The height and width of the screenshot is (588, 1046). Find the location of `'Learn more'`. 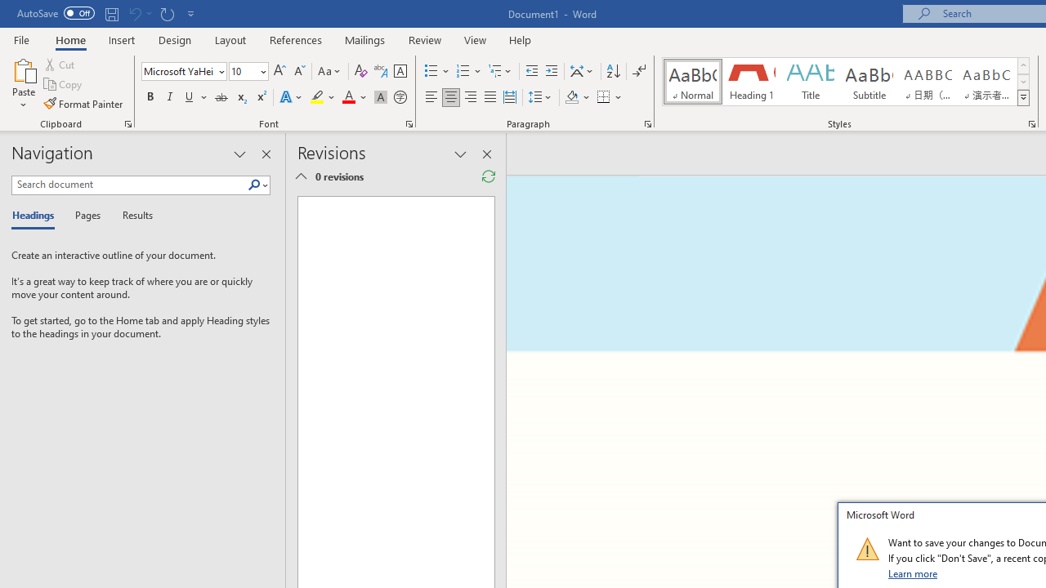

'Learn more' is located at coordinates (913, 572).